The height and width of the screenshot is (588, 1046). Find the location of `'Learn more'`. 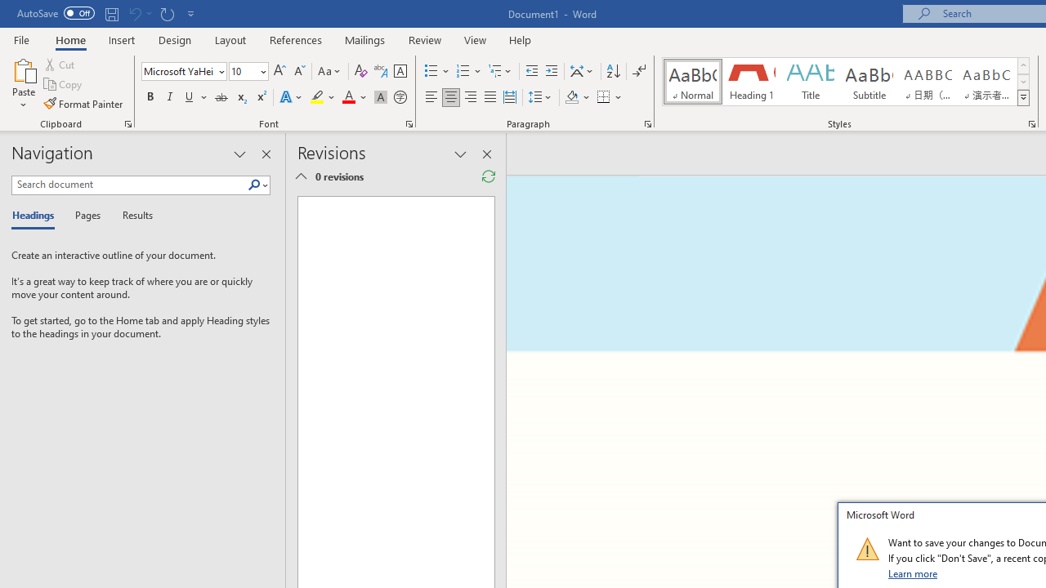

'Learn more' is located at coordinates (913, 572).